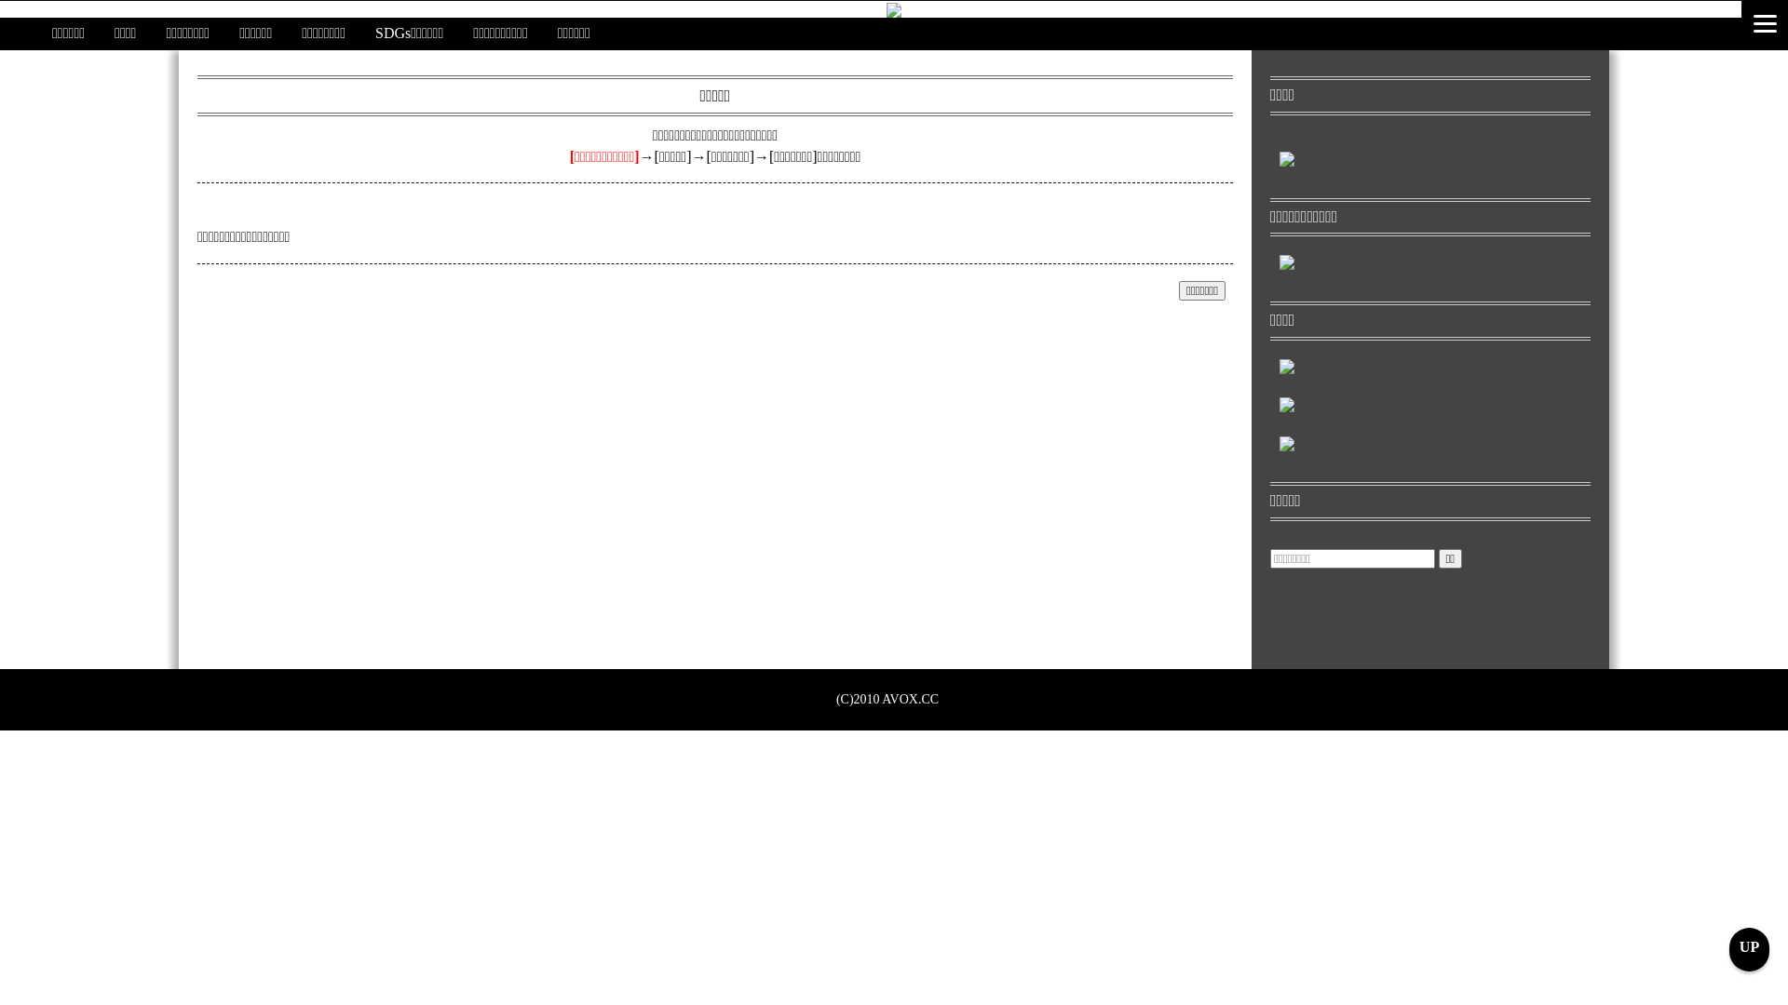 This screenshot has width=1788, height=1005. I want to click on 'UP', so click(1728, 949).